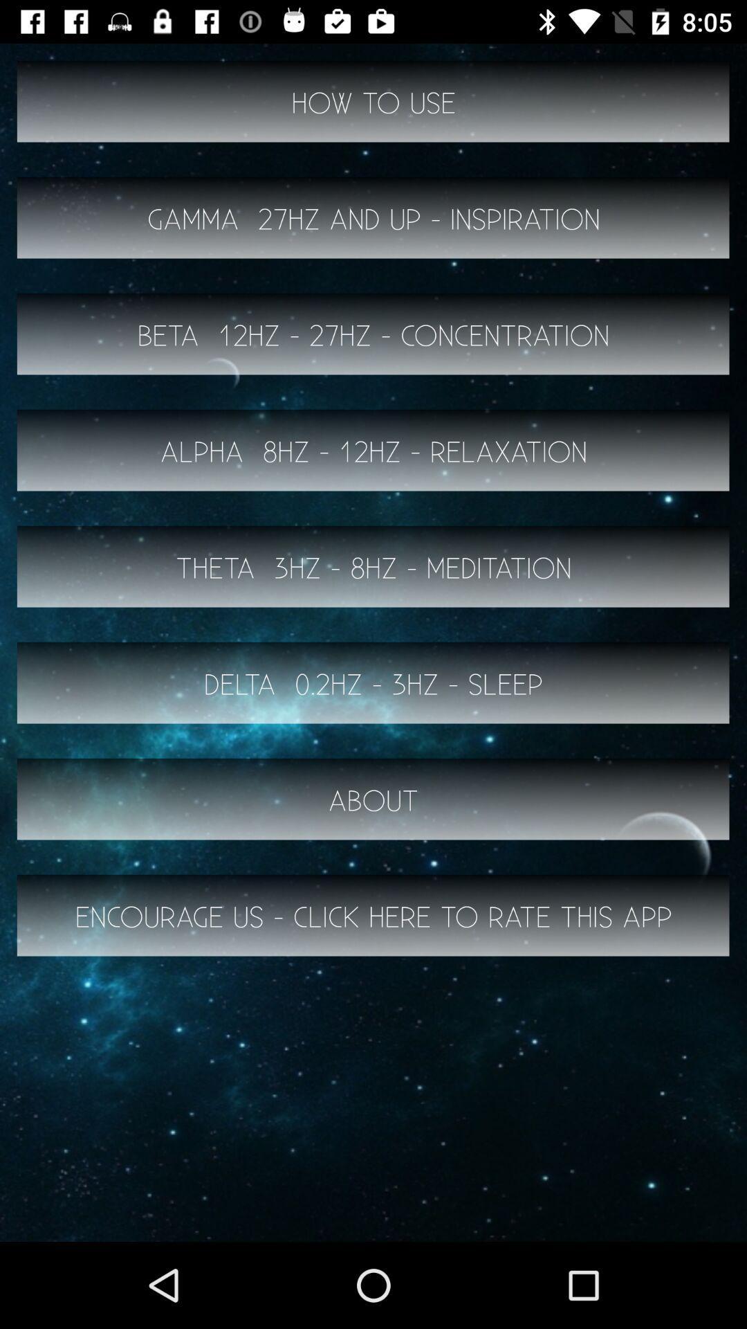  What do you see at coordinates (373, 683) in the screenshot?
I see `delta 0 2hz button` at bounding box center [373, 683].